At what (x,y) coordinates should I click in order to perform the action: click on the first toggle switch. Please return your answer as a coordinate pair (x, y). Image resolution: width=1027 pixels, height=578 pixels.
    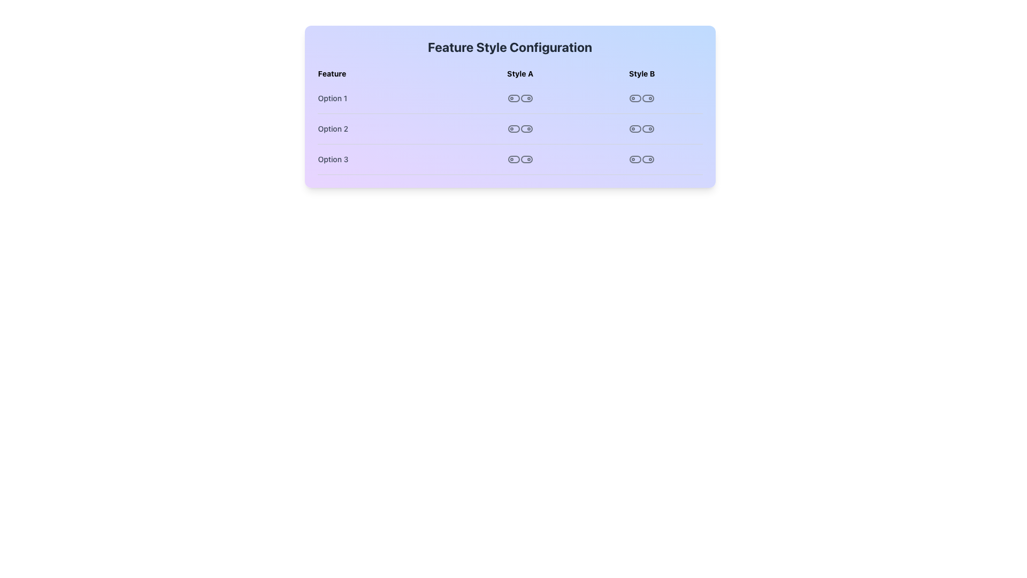
    Looking at the image, I should click on (635, 159).